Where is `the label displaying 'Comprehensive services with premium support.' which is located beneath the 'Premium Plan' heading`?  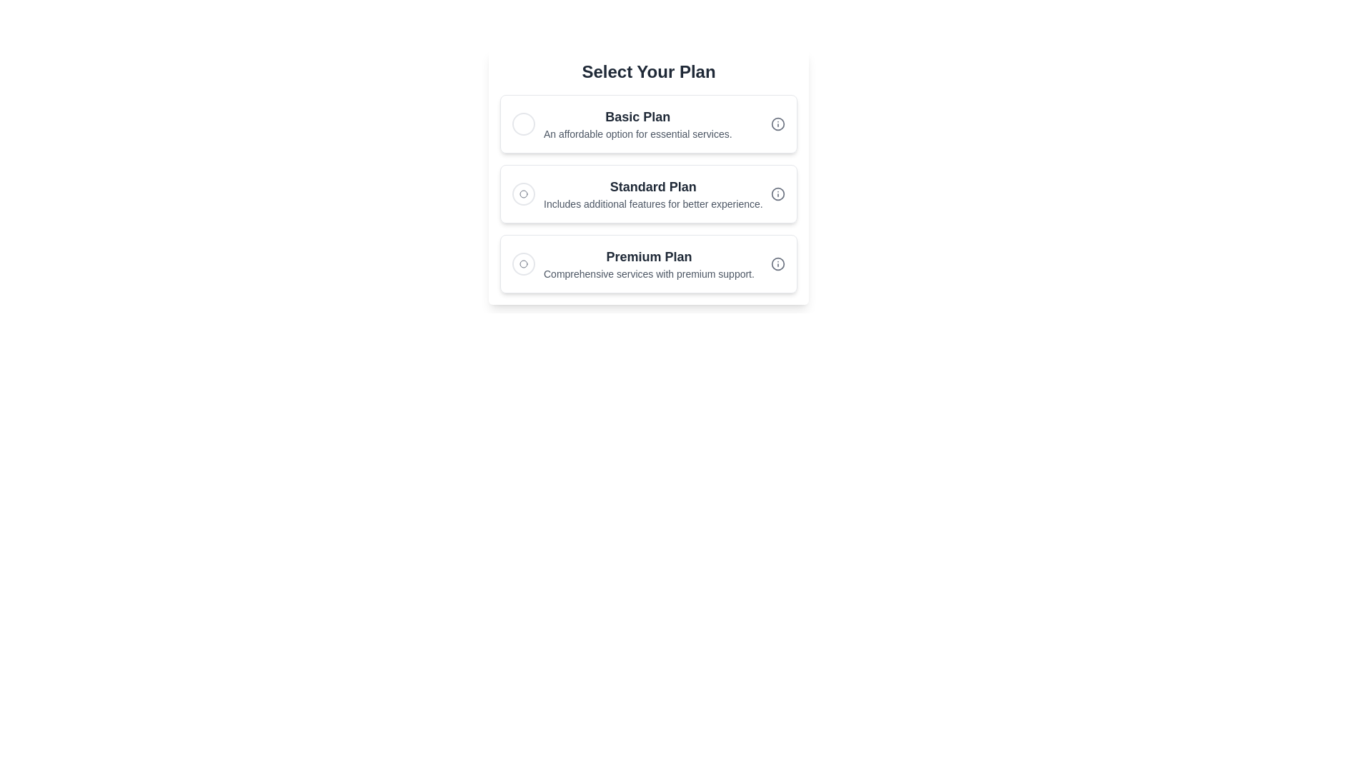
the label displaying 'Comprehensive services with premium support.' which is located beneath the 'Premium Plan' heading is located at coordinates (648, 274).